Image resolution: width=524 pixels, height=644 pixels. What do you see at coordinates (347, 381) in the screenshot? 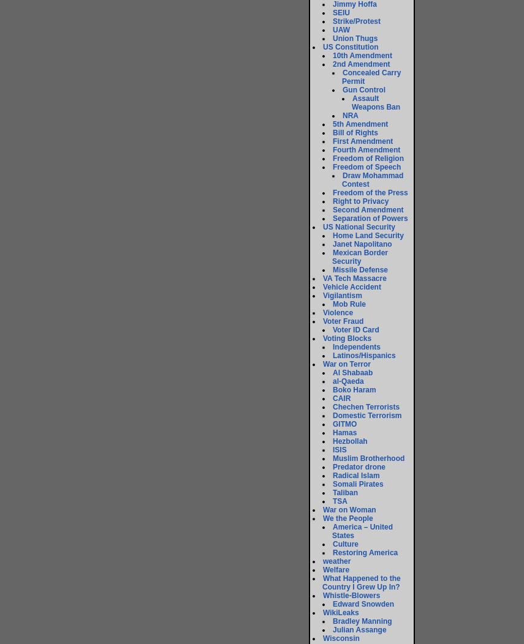
I see `'al-Qaeda'` at bounding box center [347, 381].